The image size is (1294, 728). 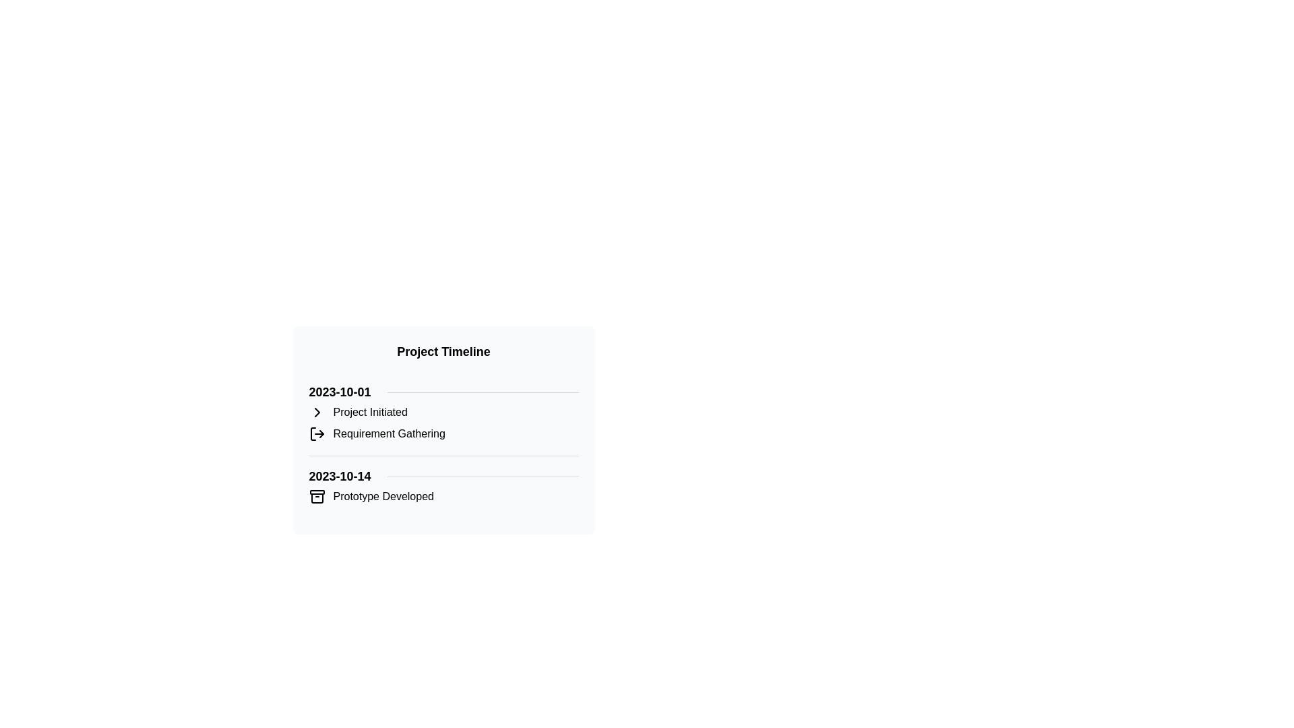 I want to click on date label marking the event or milestone for October 14, 2023, located in the second chronological entry of the timeline widget, so click(x=340, y=475).